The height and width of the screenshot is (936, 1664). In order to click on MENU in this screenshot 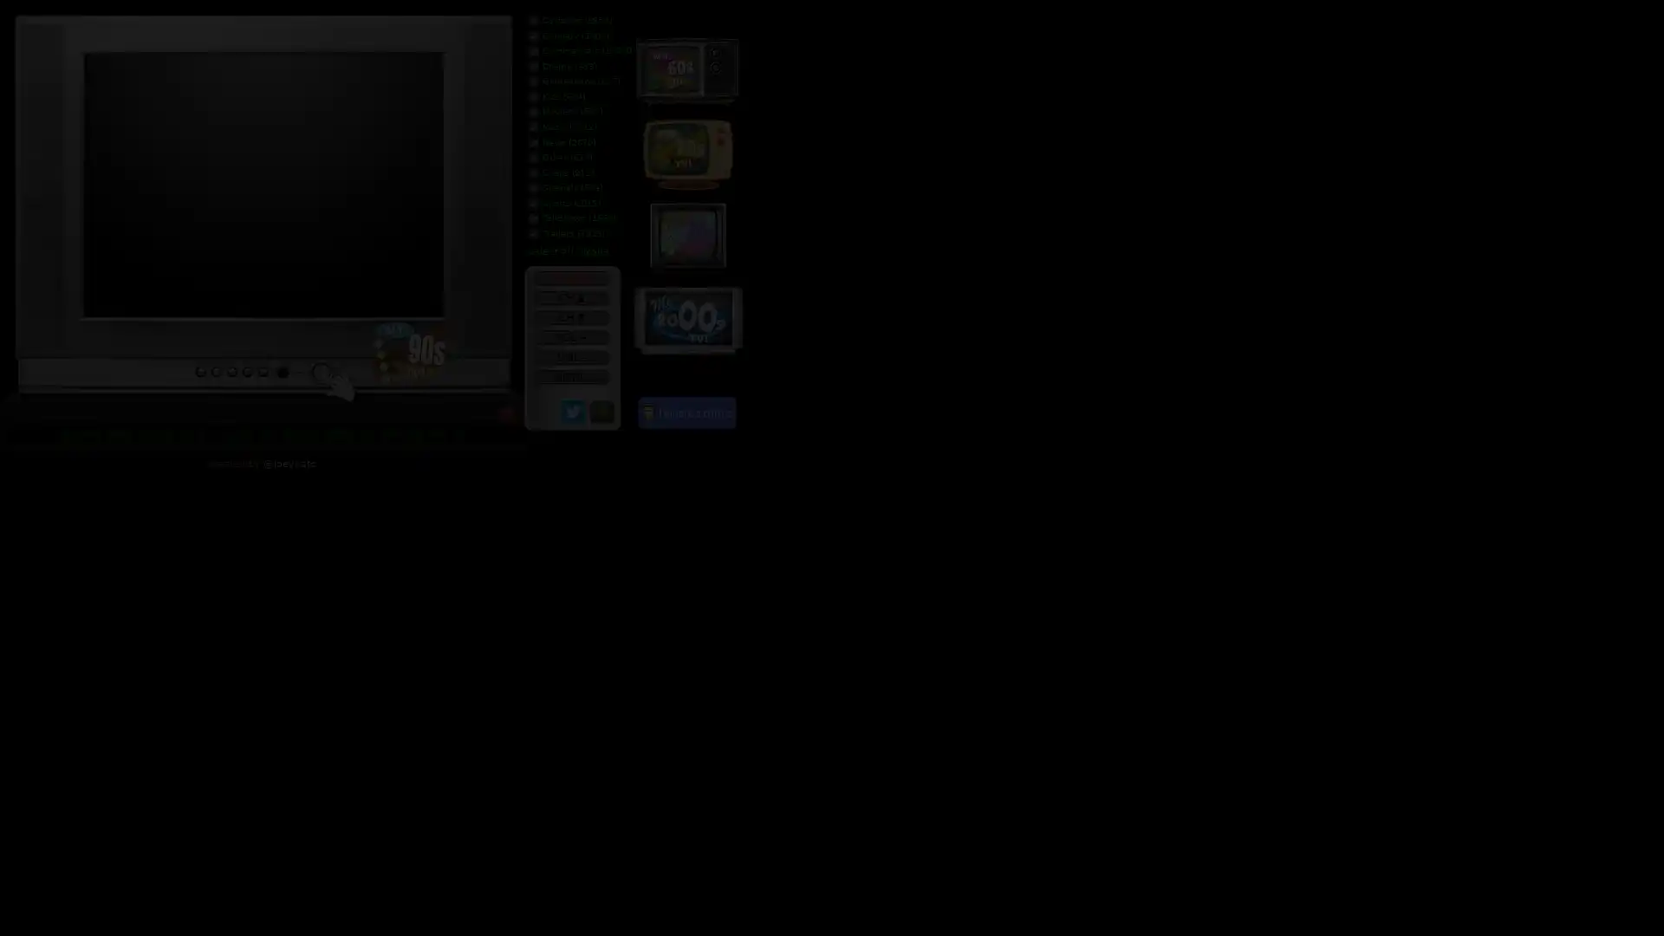, I will do `click(570, 376)`.